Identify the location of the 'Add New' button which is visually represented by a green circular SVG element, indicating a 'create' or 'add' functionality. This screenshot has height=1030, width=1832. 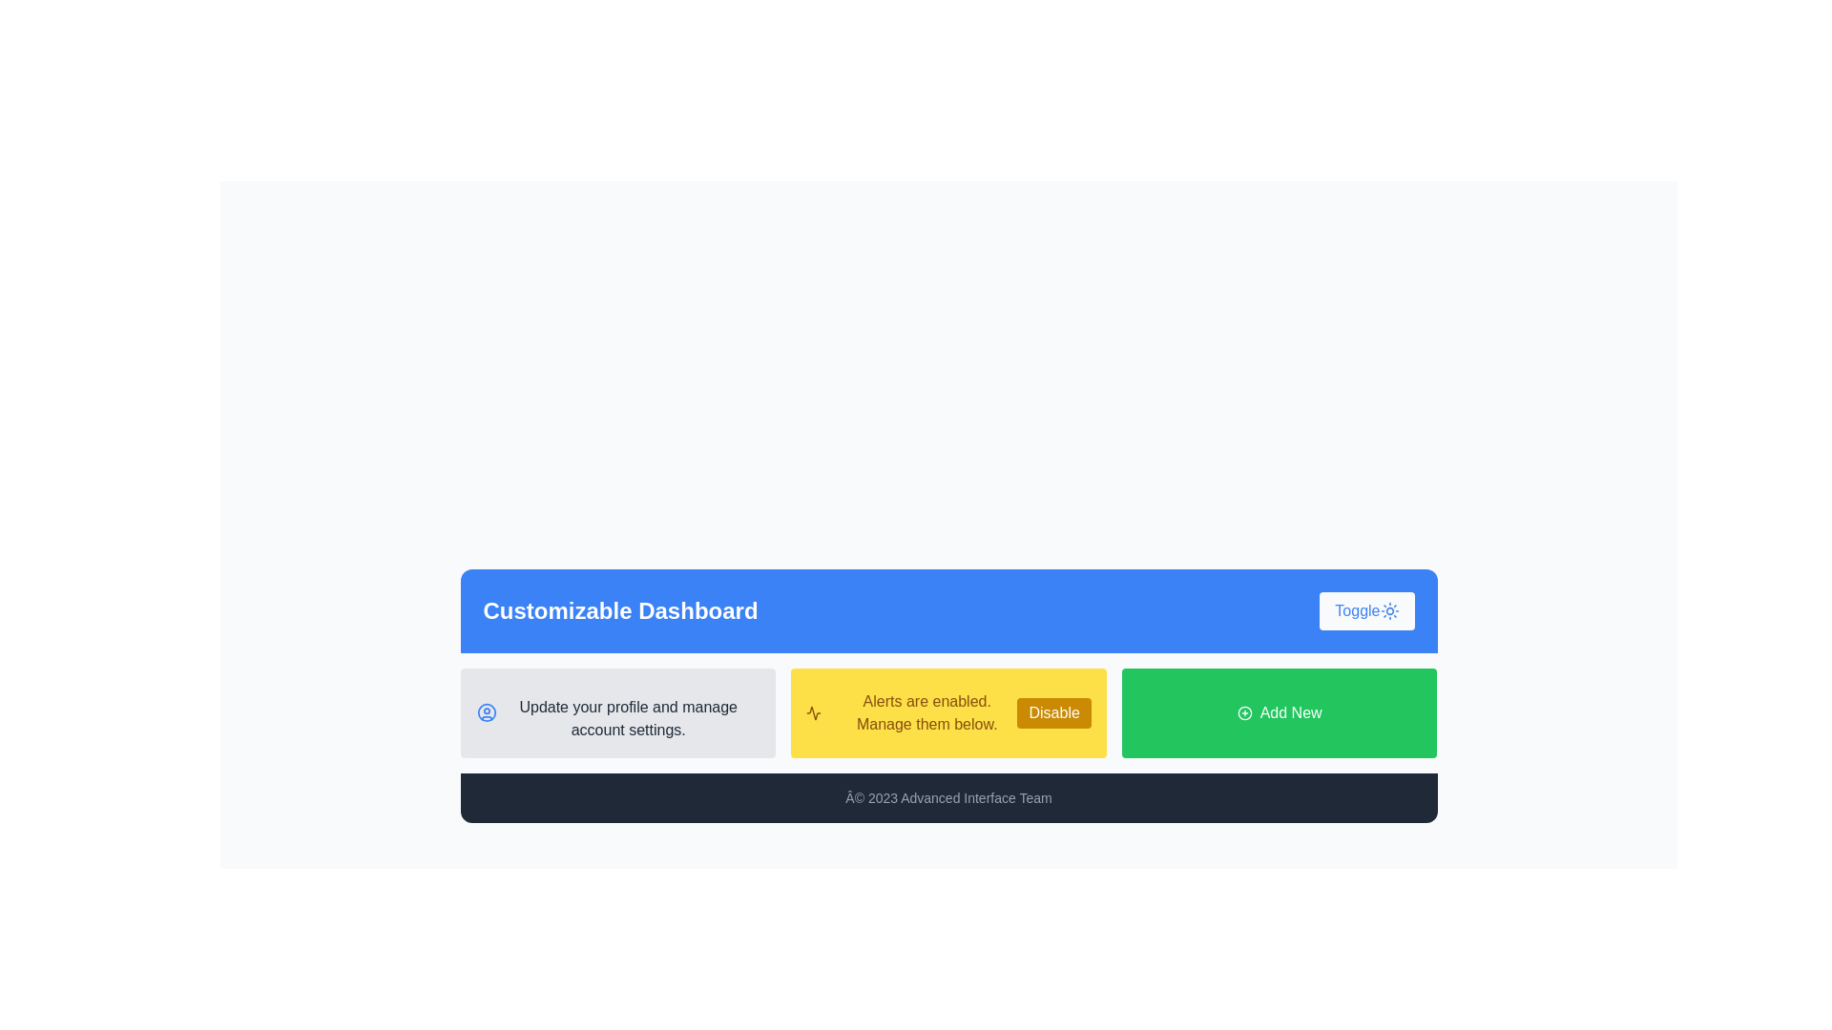
(1244, 713).